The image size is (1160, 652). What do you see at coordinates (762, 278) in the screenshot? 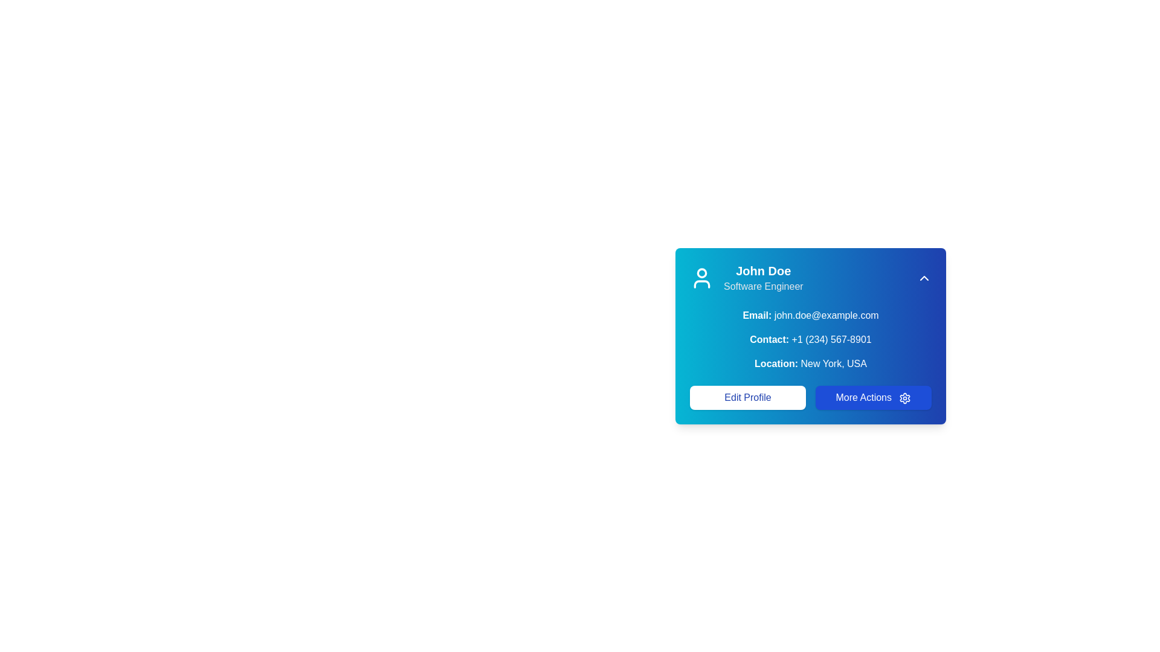
I see `the Text label displaying the user's name and job title, which is located at the top right of the card, adjacent to the user profile icon` at bounding box center [762, 278].